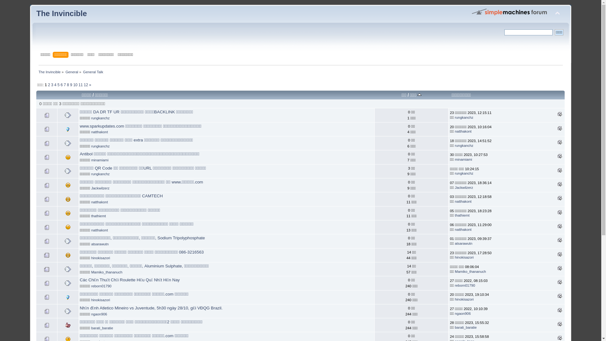  Describe the element at coordinates (470, 271) in the screenshot. I see `'Mamiko_thananuch'` at that location.